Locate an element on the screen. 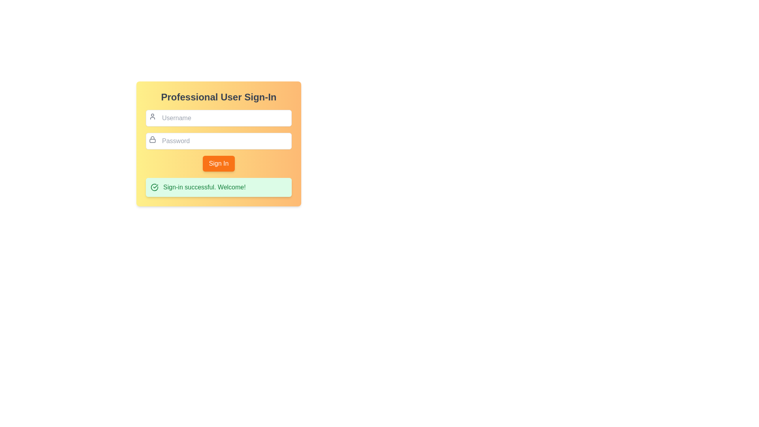 This screenshot has width=759, height=427. the submit button located in the central part of the login form, positioned directly below the password input field is located at coordinates (219, 163).